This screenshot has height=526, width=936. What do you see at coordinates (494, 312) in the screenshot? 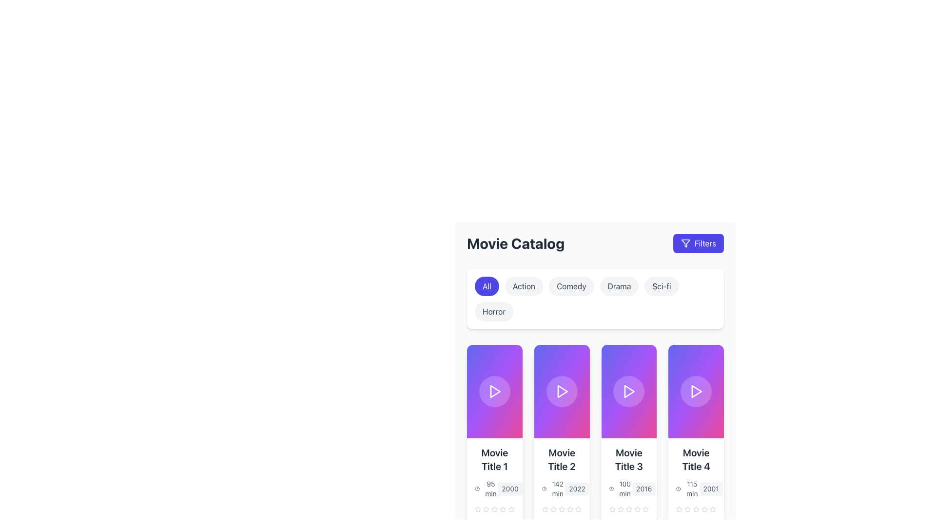
I see `the filter button for the 'Horror' genre located below the 'Movie Catalog' heading to observe styling changes` at bounding box center [494, 312].